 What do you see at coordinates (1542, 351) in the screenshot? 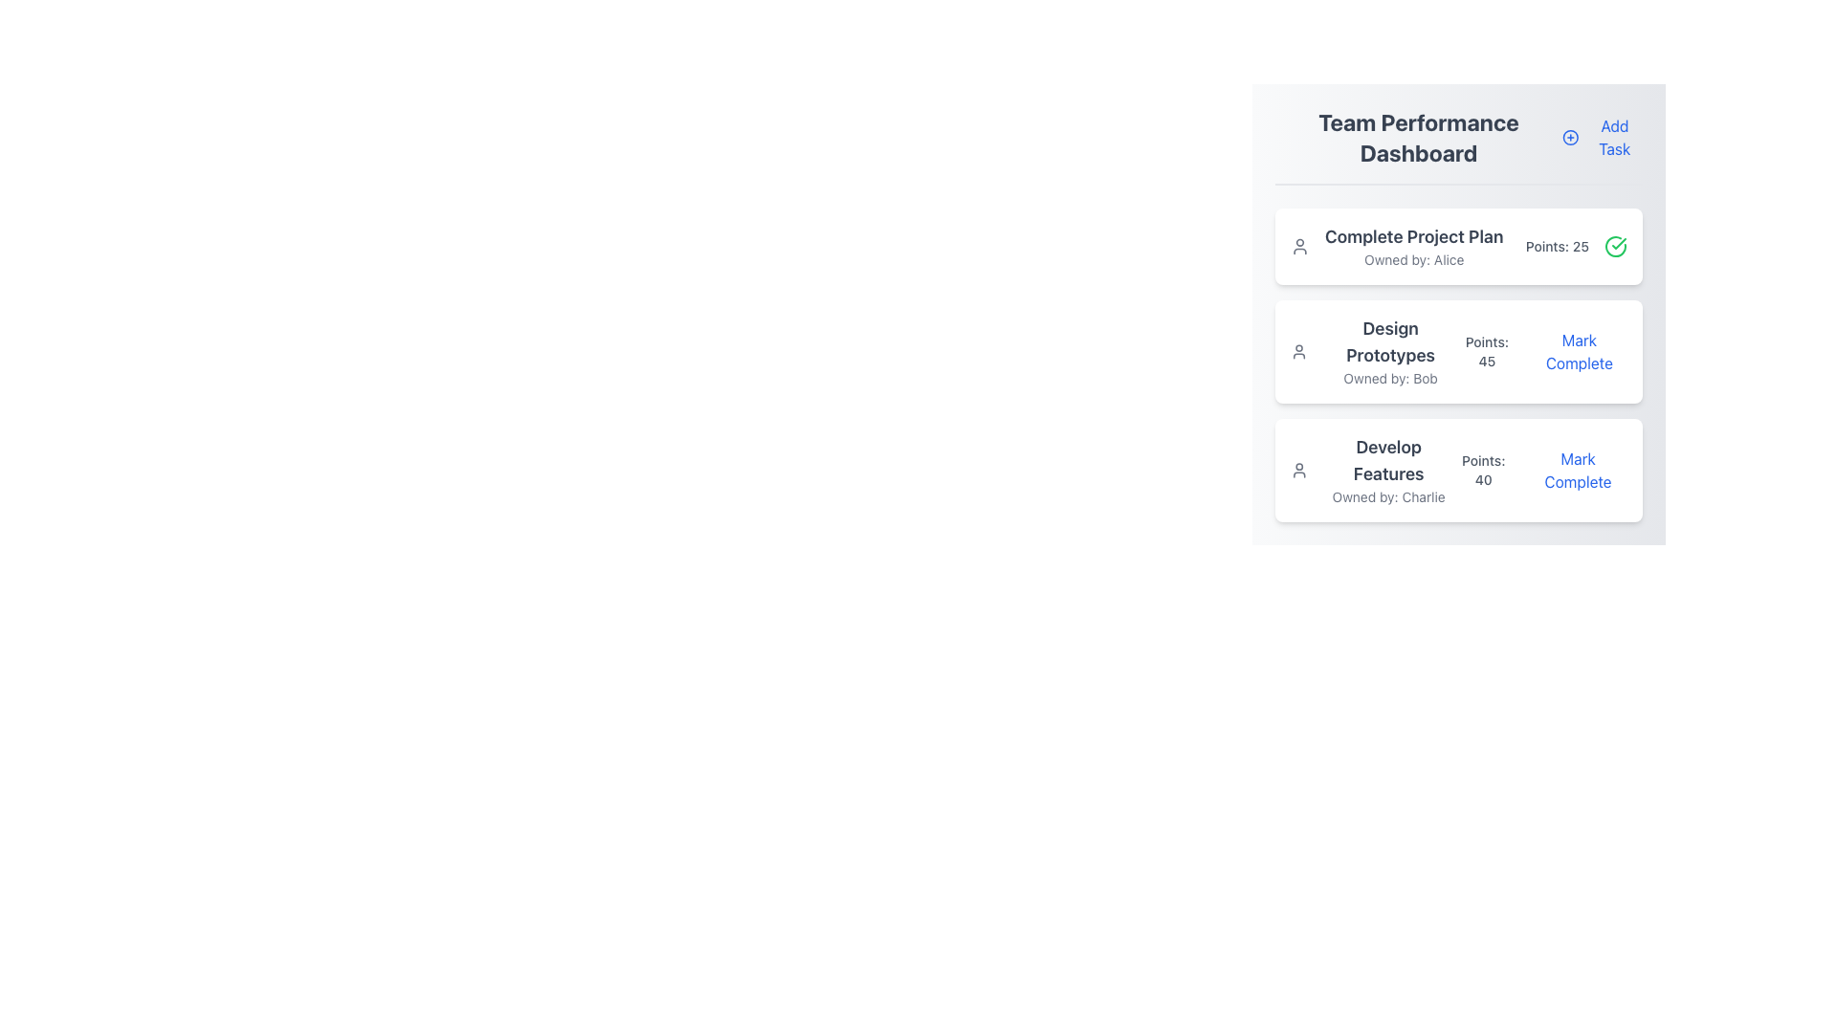
I see `the 'Mark Complete' text in the 'Design Prototypes' card owned by Bob` at bounding box center [1542, 351].